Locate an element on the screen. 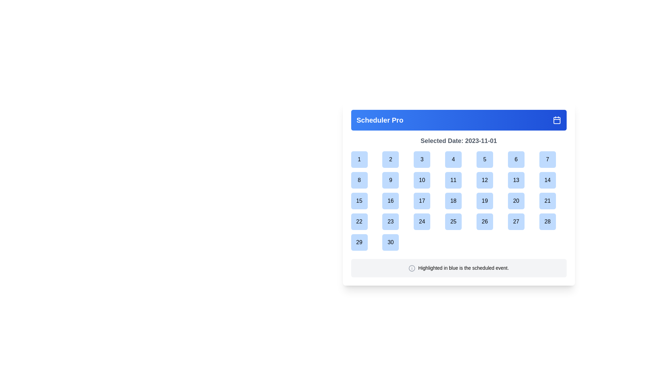 This screenshot has width=663, height=373. the square-shaped button with a light blue background and the number '27' in bold black text is located at coordinates (516, 221).